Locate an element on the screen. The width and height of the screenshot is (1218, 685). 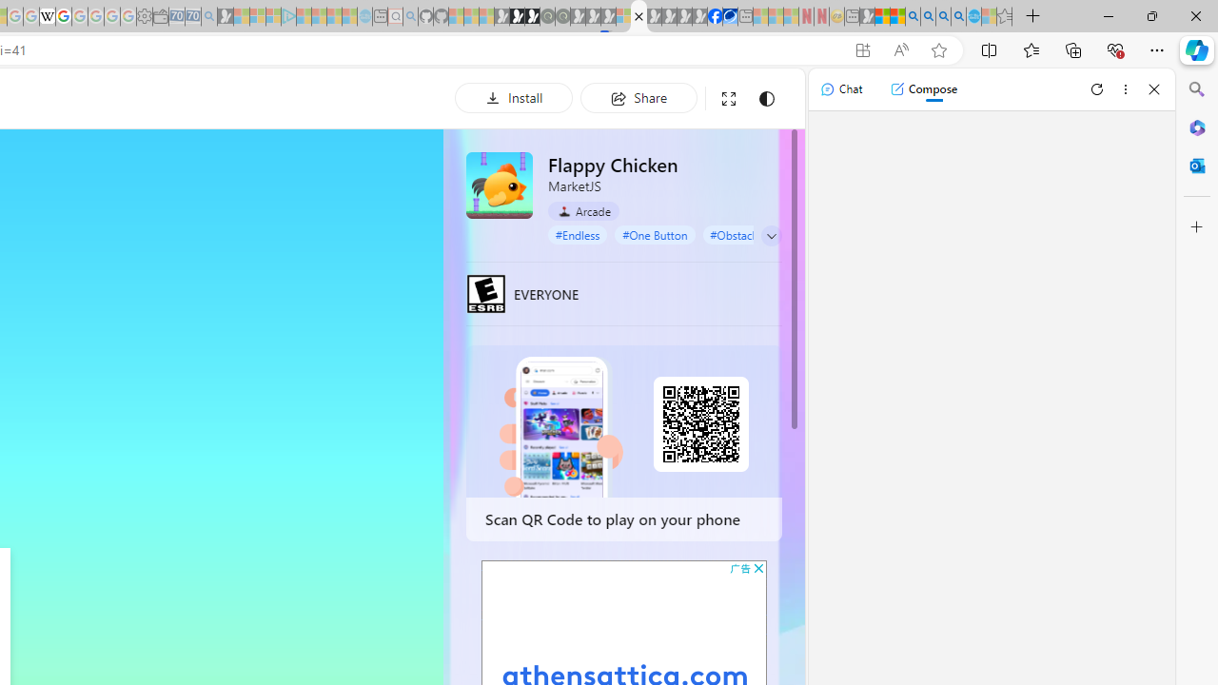
'2009 Bing officially replaced Live Search on June 3 - Search' is located at coordinates (928, 16).